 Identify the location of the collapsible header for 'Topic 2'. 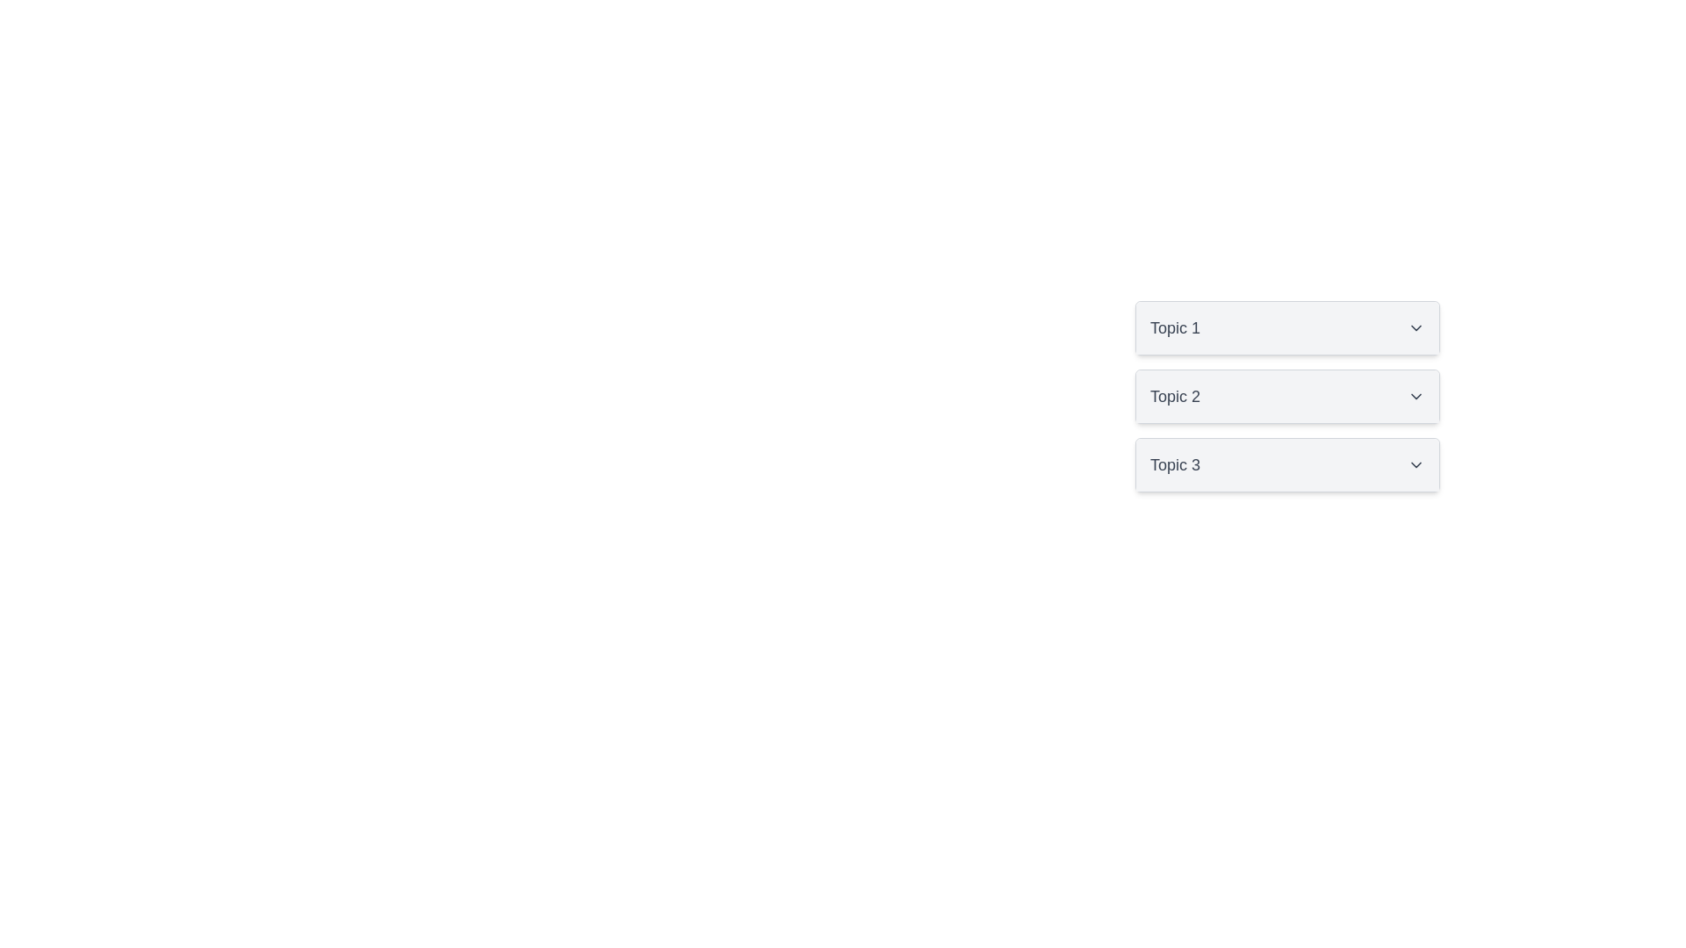
(1287, 403).